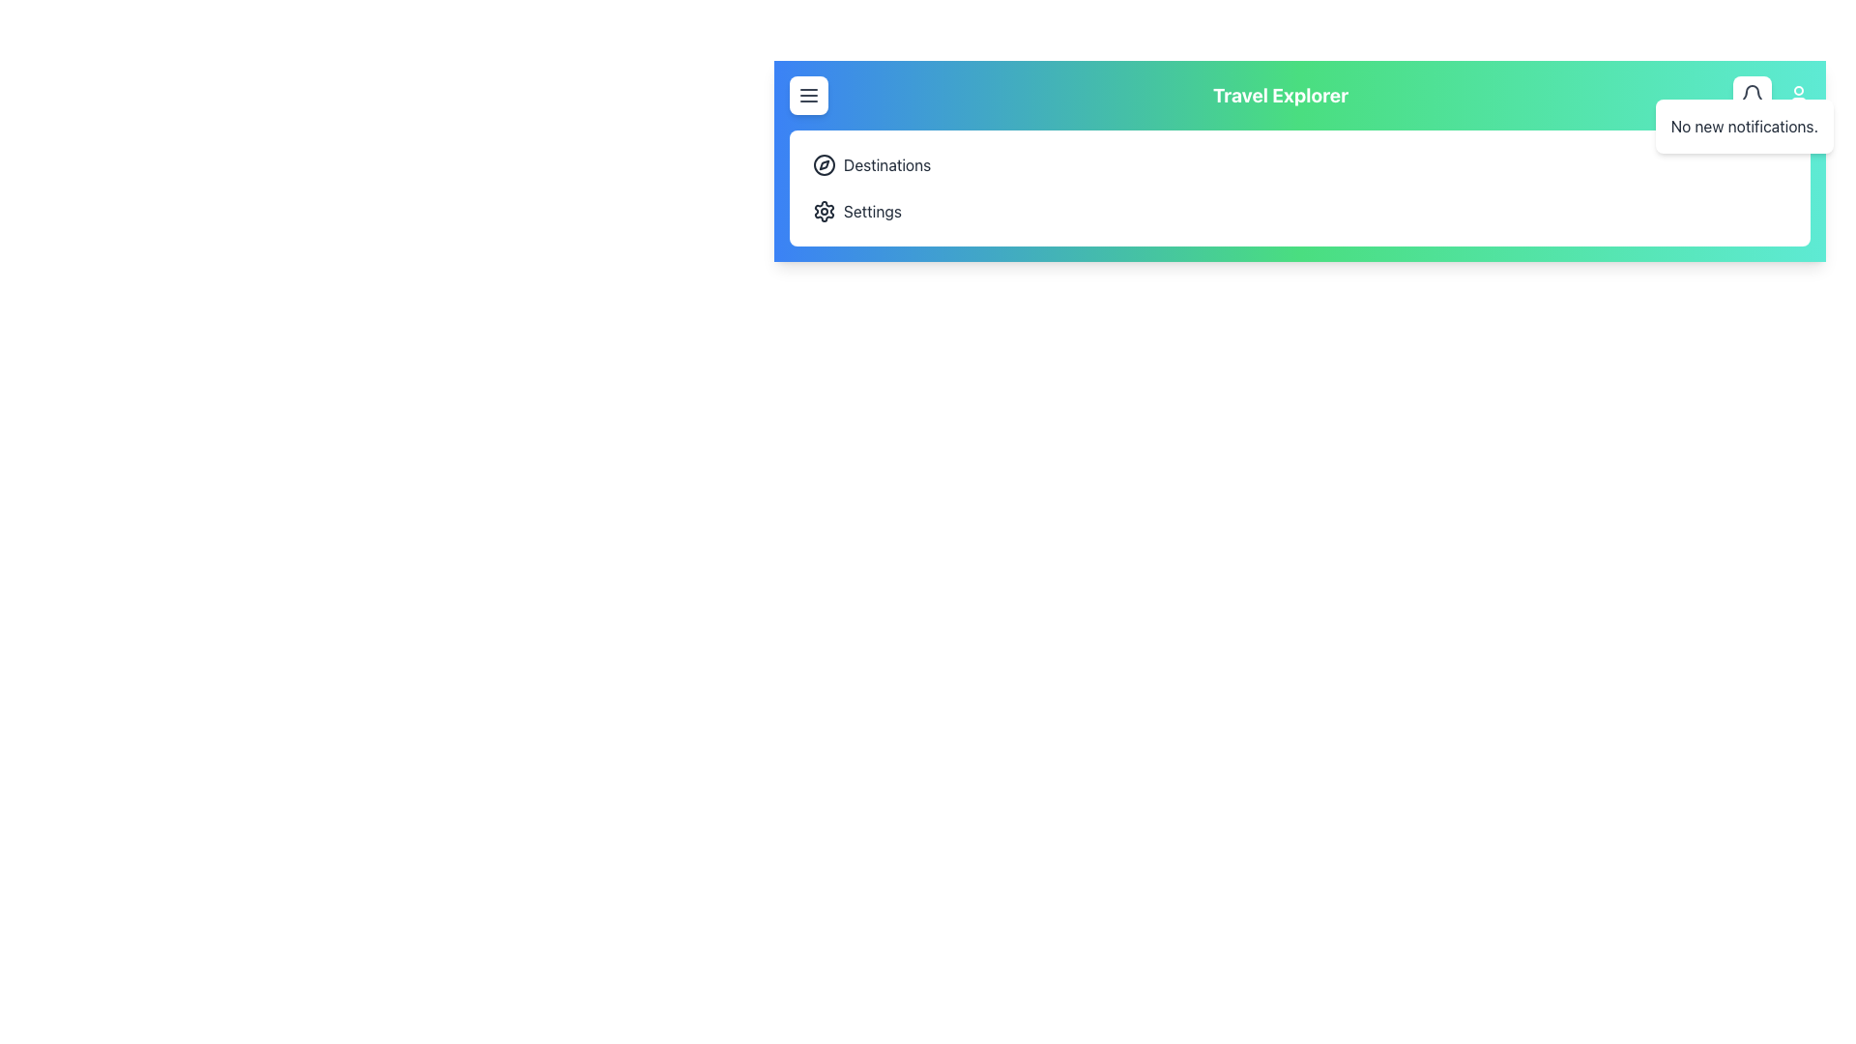  What do you see at coordinates (825, 212) in the screenshot?
I see `the settings icon, which is a gear-shaped graphical representation located in the secondary navigation menu below the 'Travel Explorer' header, specifically aligned with the 'Settings' text` at bounding box center [825, 212].